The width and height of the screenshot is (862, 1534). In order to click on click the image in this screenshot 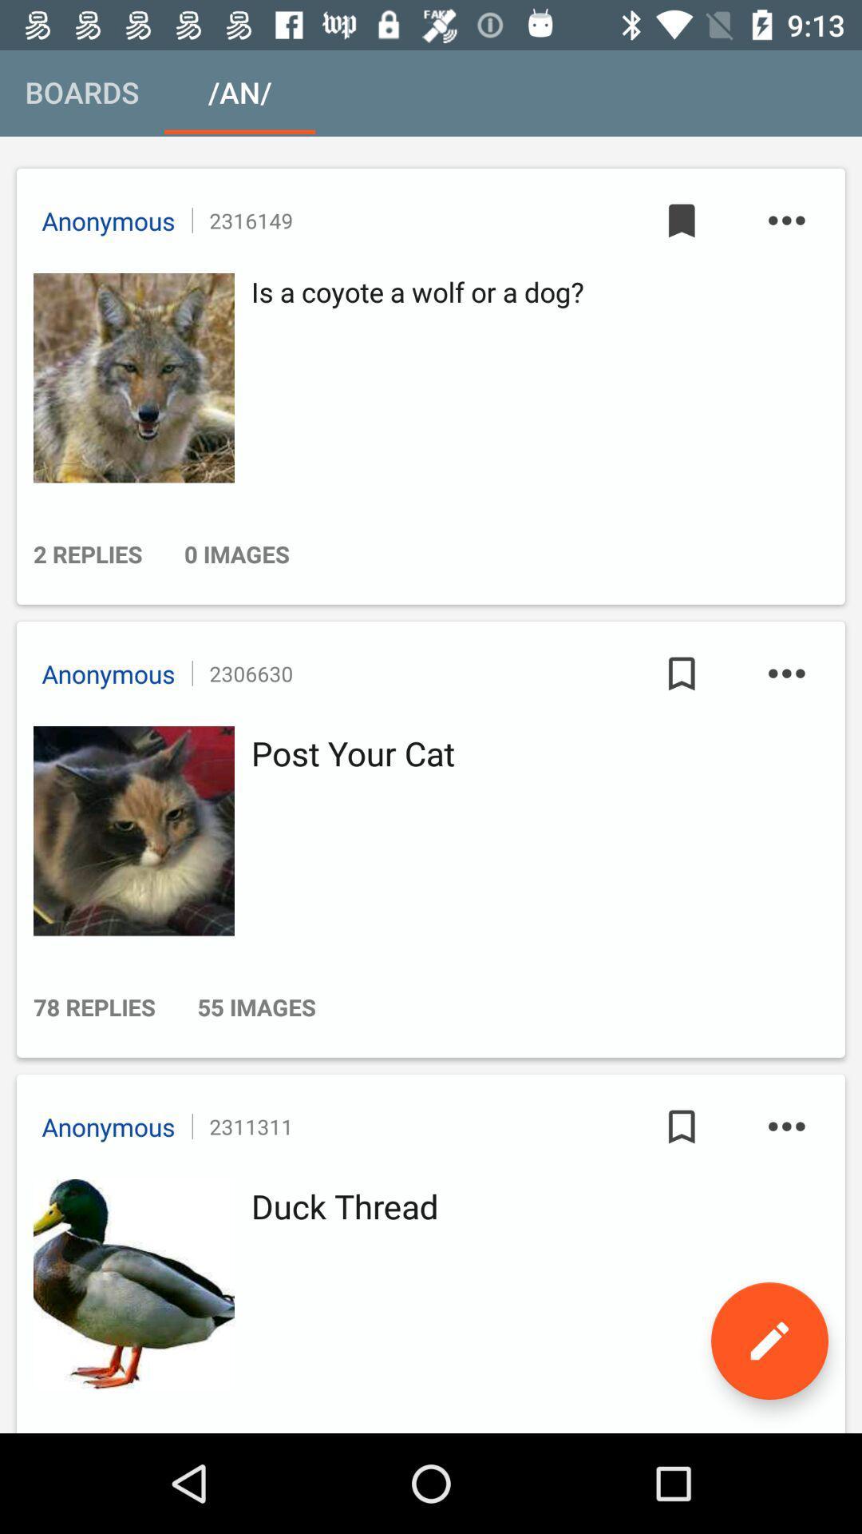, I will do `click(129, 831)`.